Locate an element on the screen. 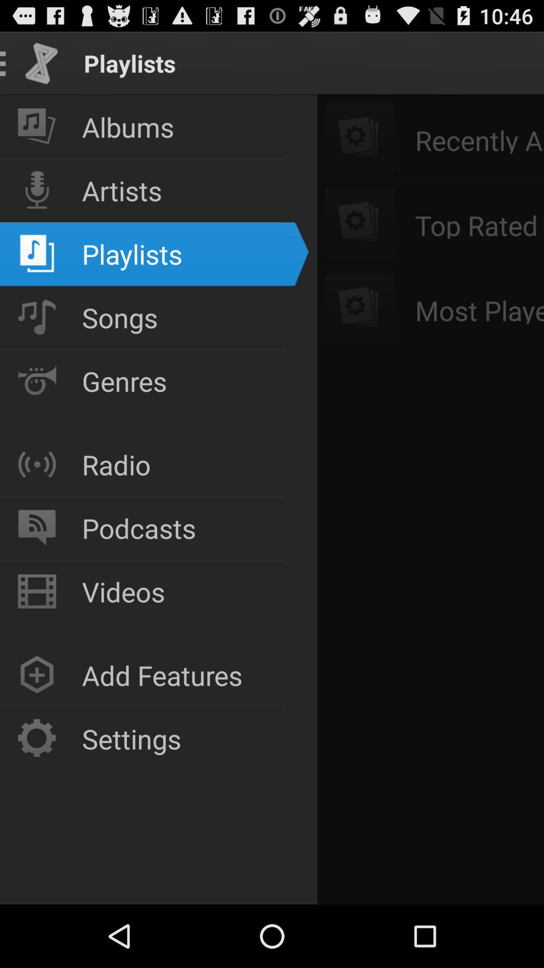 The image size is (544, 968). the podcast button is located at coordinates (36, 527).